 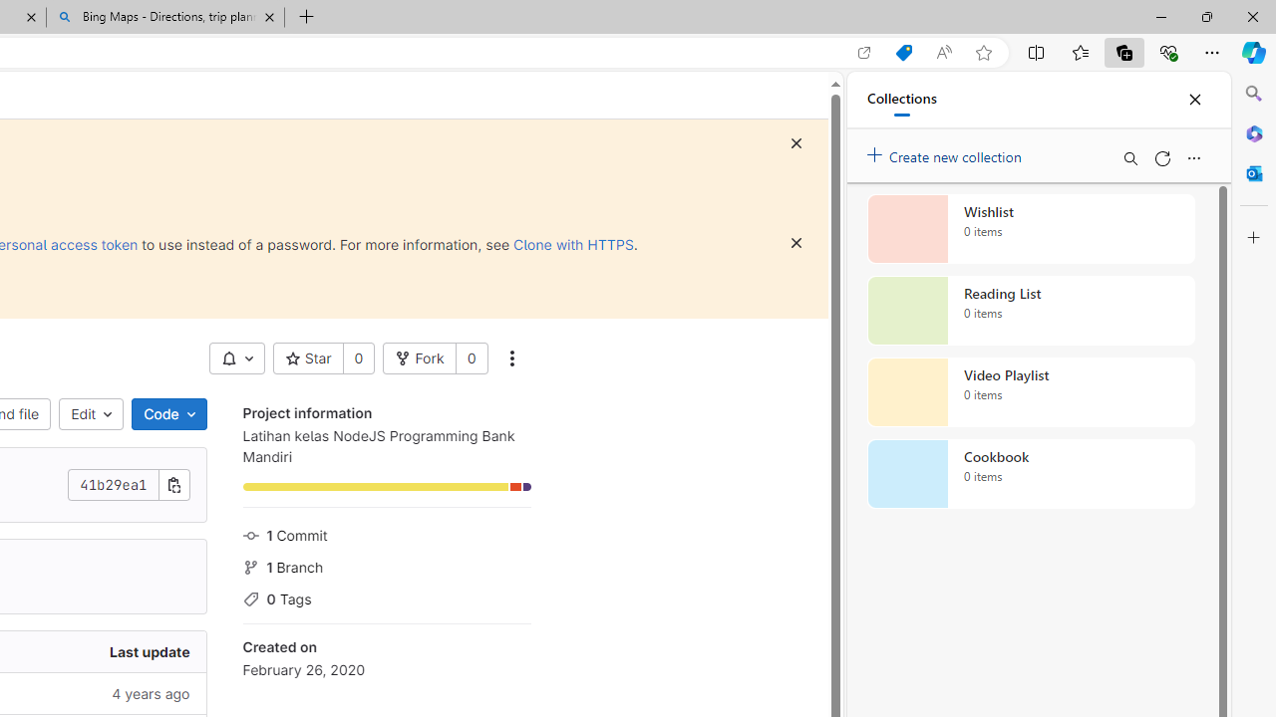 I want to click on 'More options menu', so click(x=1193, y=157).